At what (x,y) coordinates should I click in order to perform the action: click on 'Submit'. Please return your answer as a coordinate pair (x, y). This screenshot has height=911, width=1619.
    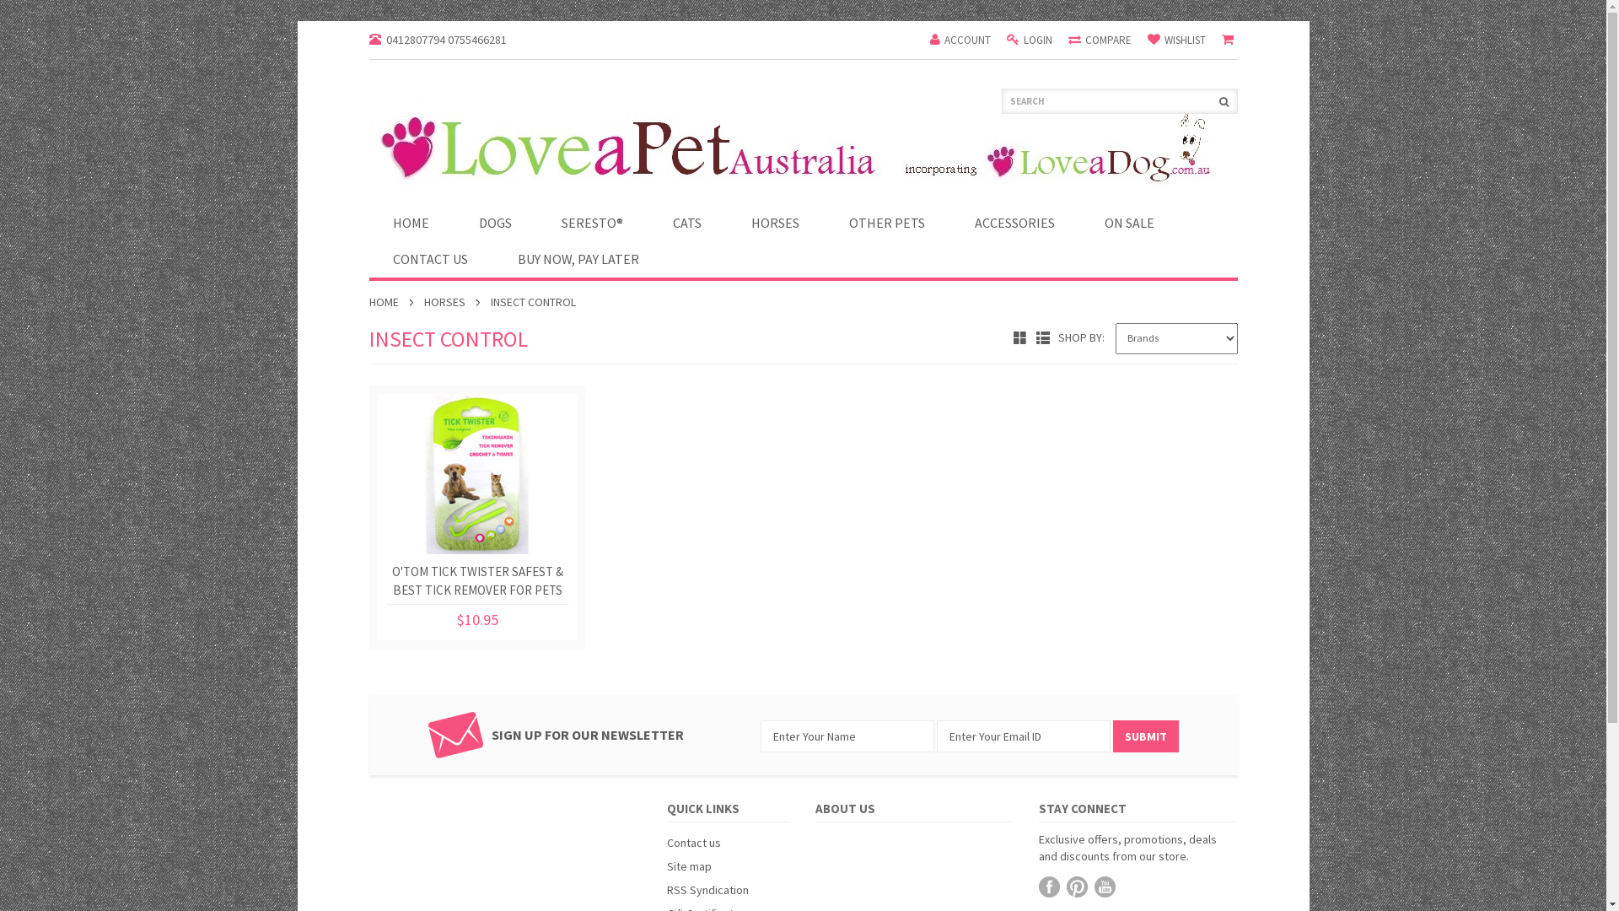
    Looking at the image, I should click on (1145, 735).